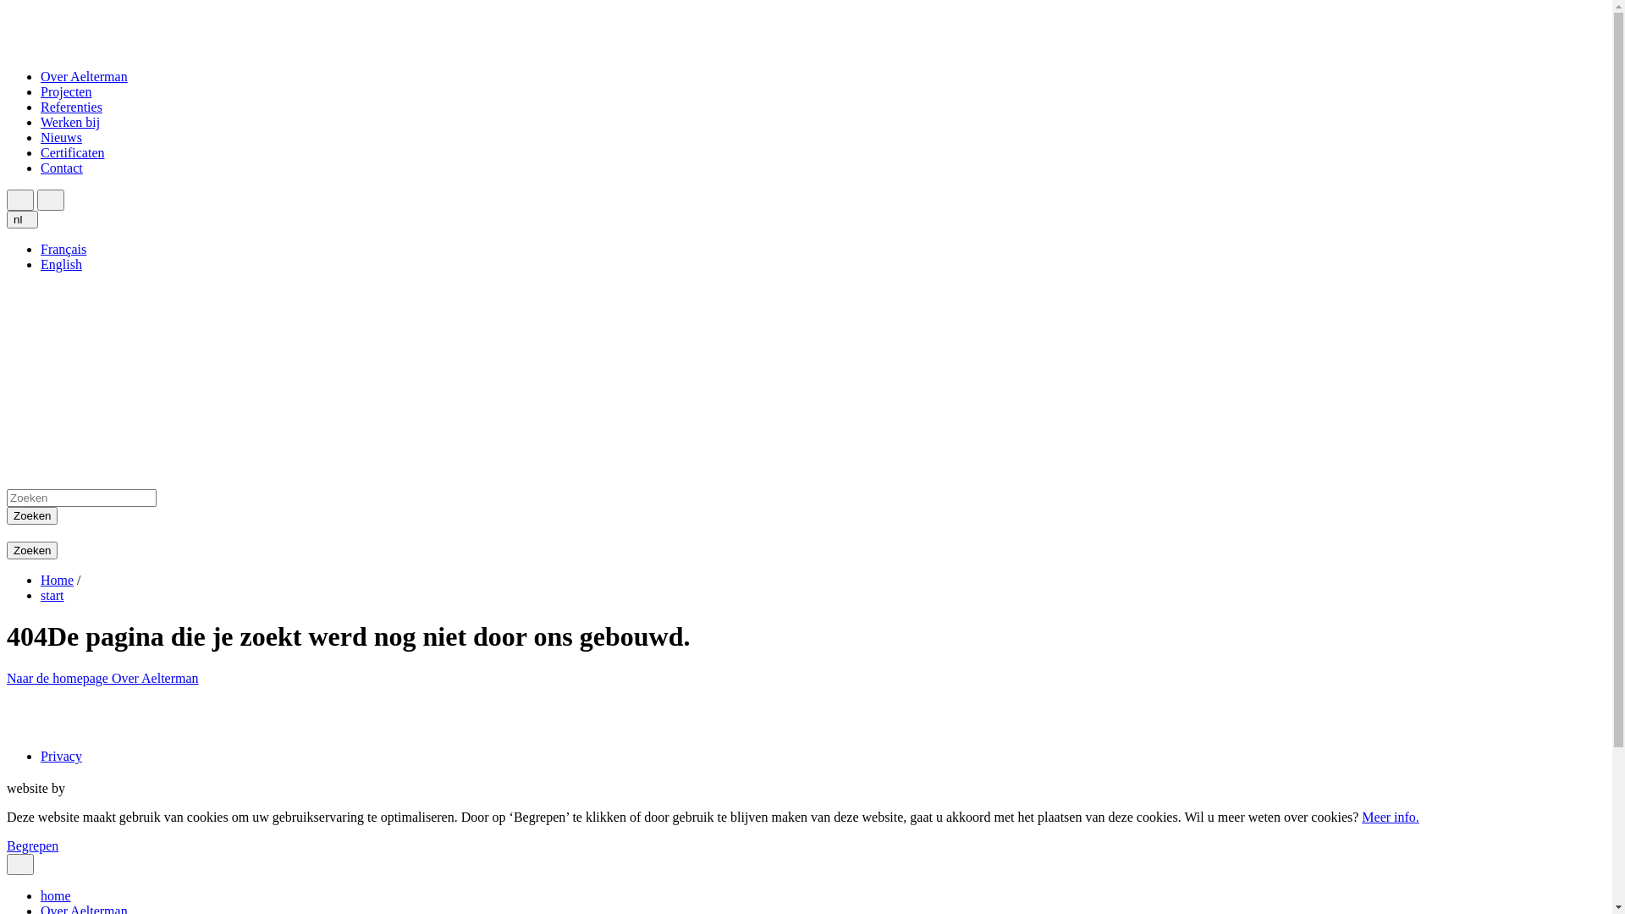  What do you see at coordinates (155, 677) in the screenshot?
I see `'Over Aelterman'` at bounding box center [155, 677].